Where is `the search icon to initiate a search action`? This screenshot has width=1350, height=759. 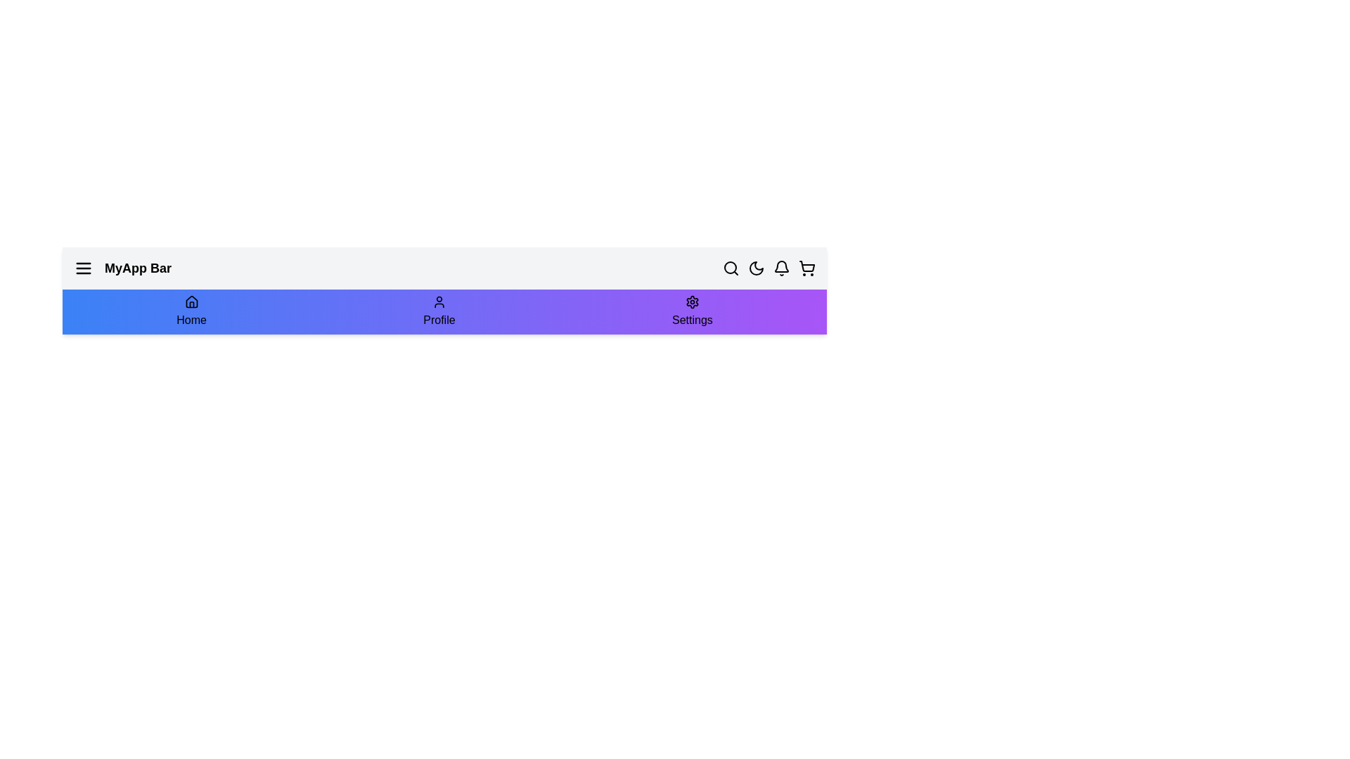
the search icon to initiate a search action is located at coordinates (731, 268).